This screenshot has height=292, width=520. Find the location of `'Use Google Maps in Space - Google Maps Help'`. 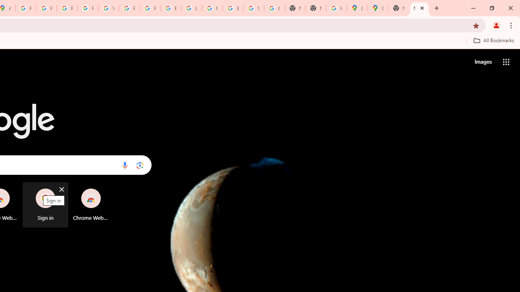

'Use Google Maps in Space - Google Maps Help' is located at coordinates (336, 8).